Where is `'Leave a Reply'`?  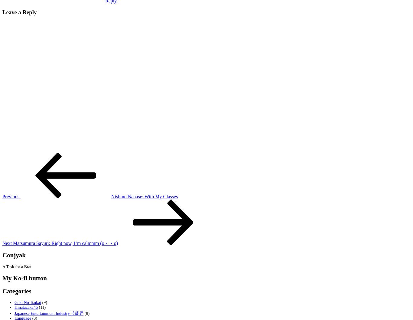 'Leave a Reply' is located at coordinates (19, 12).